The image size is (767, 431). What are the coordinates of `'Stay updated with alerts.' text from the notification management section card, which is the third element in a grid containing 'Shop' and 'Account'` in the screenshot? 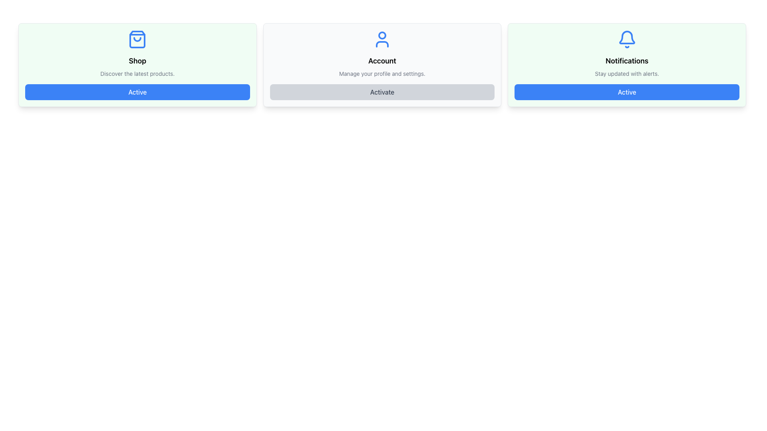 It's located at (626, 64).